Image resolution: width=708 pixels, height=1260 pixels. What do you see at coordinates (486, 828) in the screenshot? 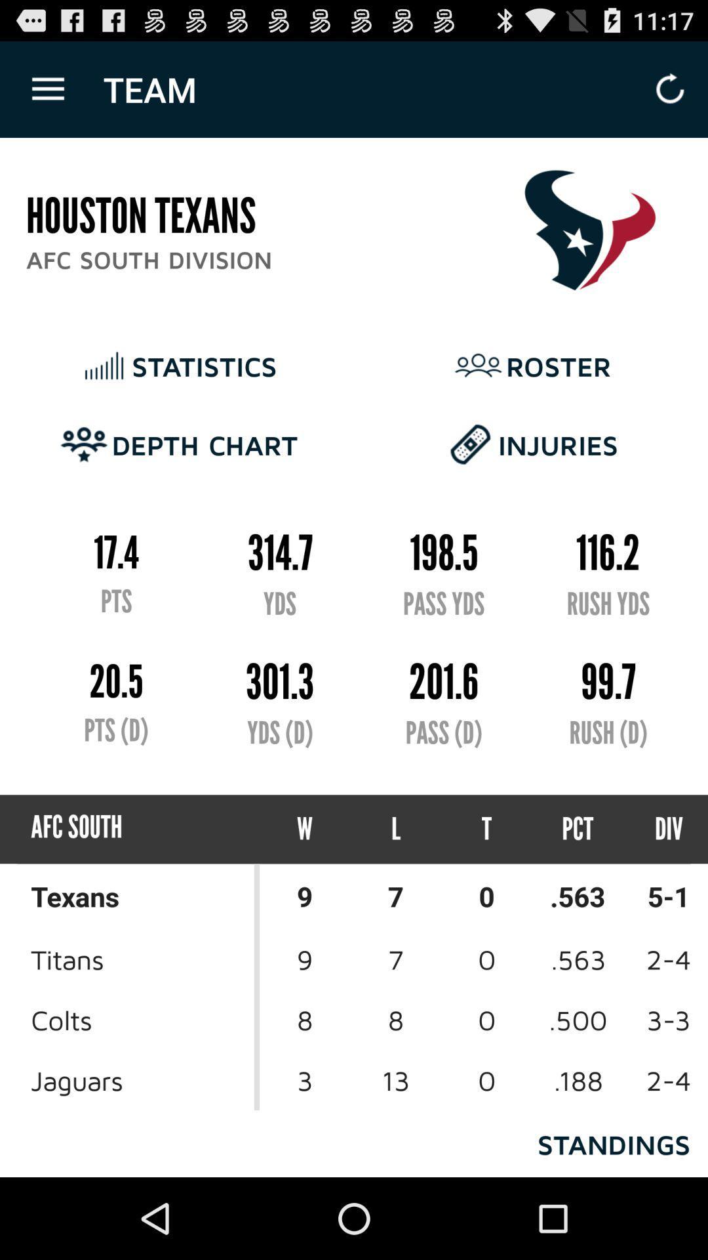
I see `icon below the pass (d)` at bounding box center [486, 828].